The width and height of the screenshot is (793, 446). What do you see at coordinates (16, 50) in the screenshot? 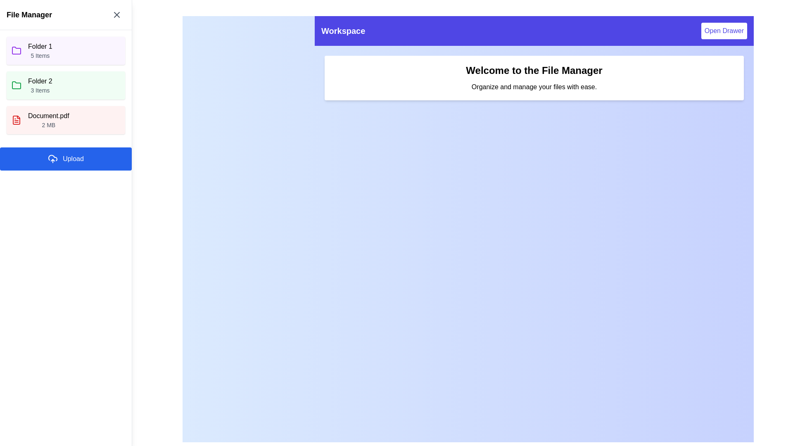
I see `graphical icon representing 'Folder 1' located in the left sidebar menu of the application` at bounding box center [16, 50].